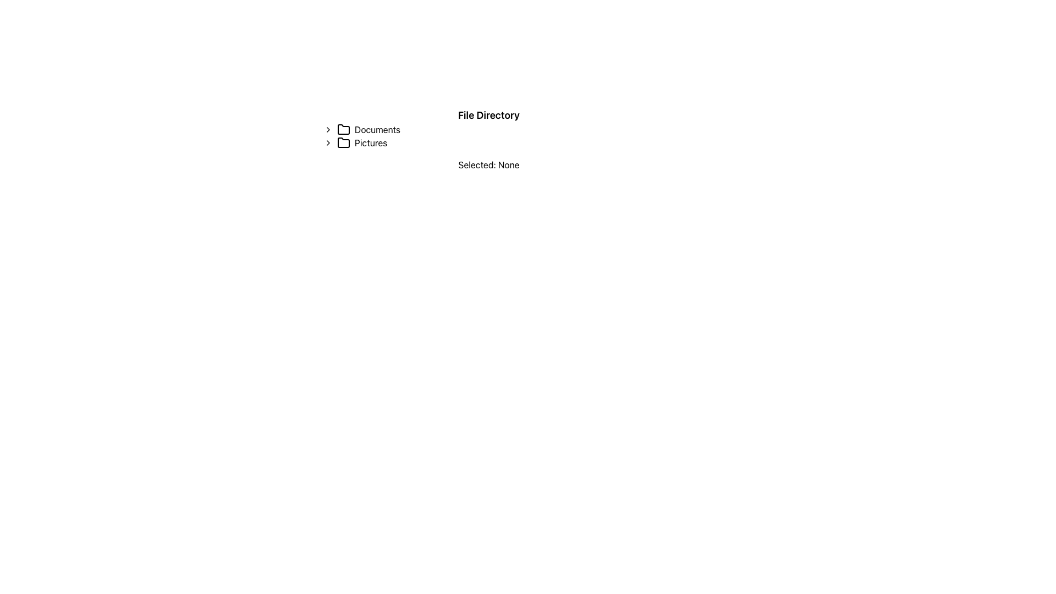  I want to click on the 'Pictures' text label in the file directory structure, so click(371, 142).